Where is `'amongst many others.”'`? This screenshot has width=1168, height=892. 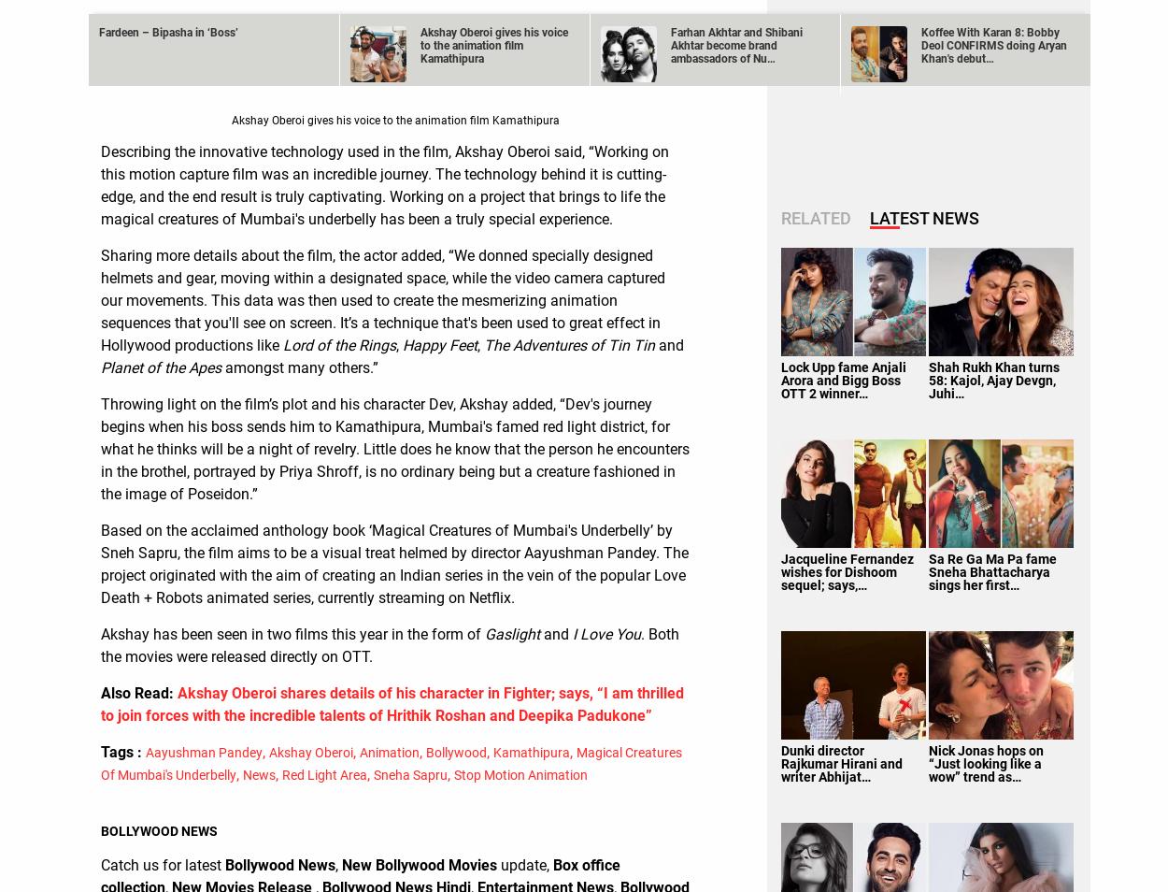
'amongst many others.”' is located at coordinates (298, 367).